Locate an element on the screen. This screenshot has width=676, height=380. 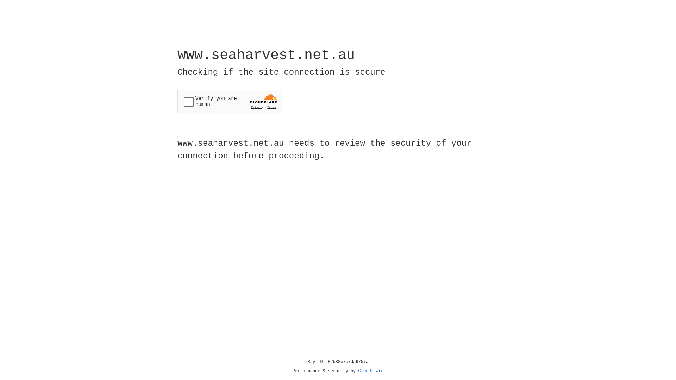
'Cloudflare' is located at coordinates (358, 371).